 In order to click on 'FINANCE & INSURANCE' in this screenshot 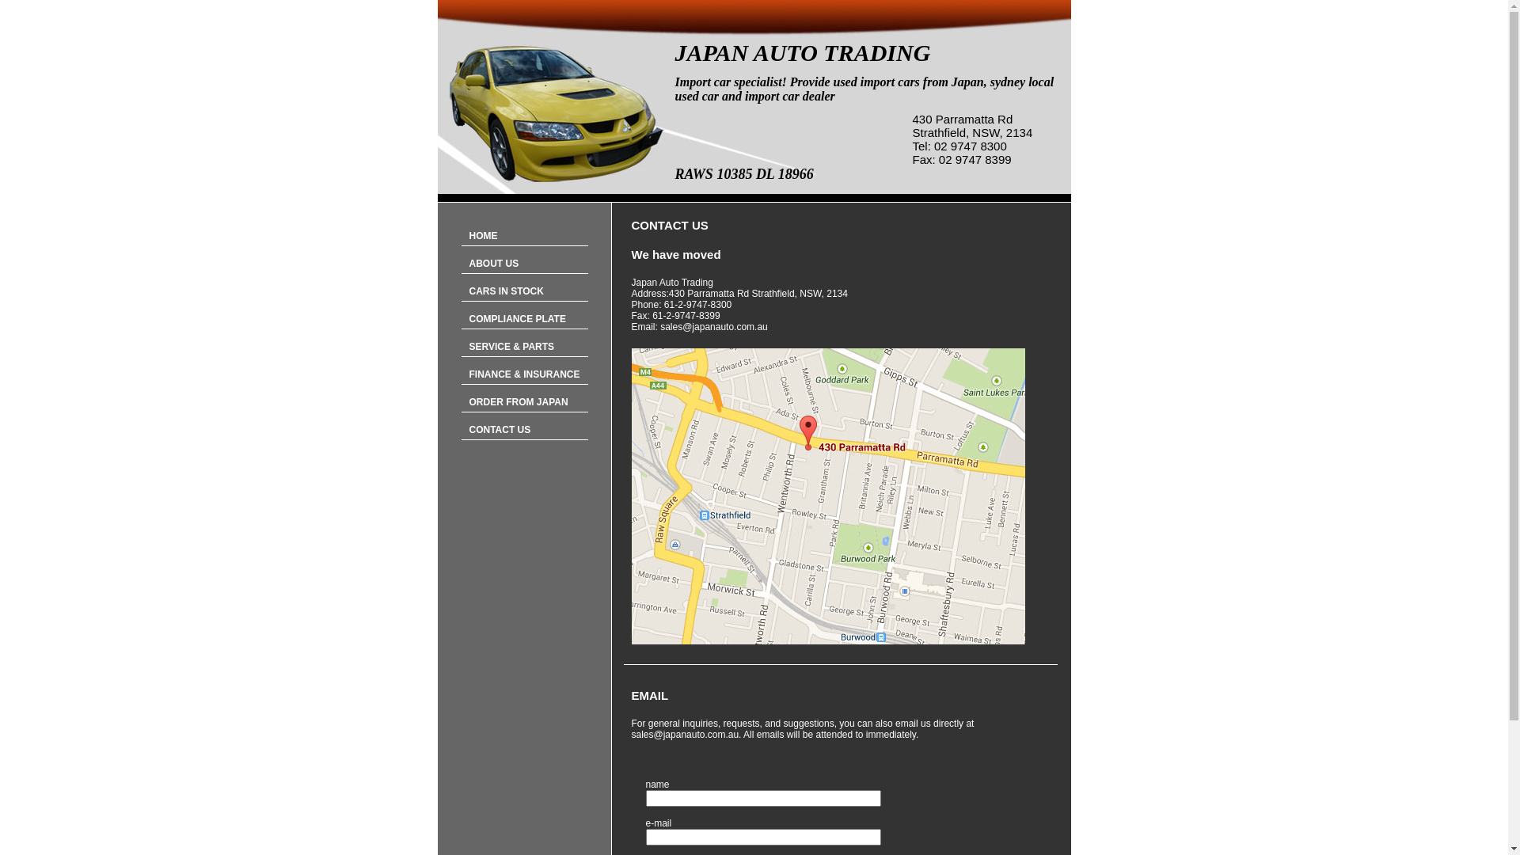, I will do `click(459, 374)`.